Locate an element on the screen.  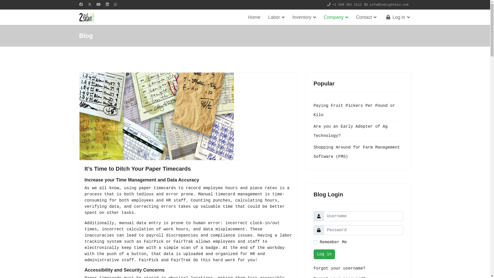
'Company' is located at coordinates (336, 17).